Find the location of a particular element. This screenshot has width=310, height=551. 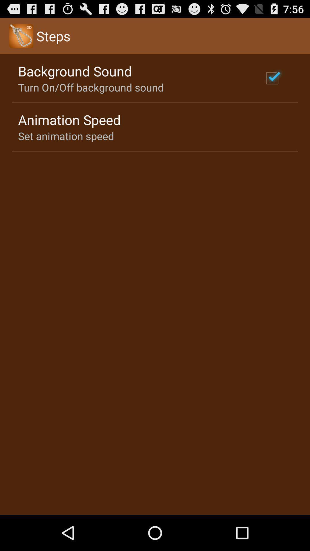

the icon below the background sound is located at coordinates (90, 87).